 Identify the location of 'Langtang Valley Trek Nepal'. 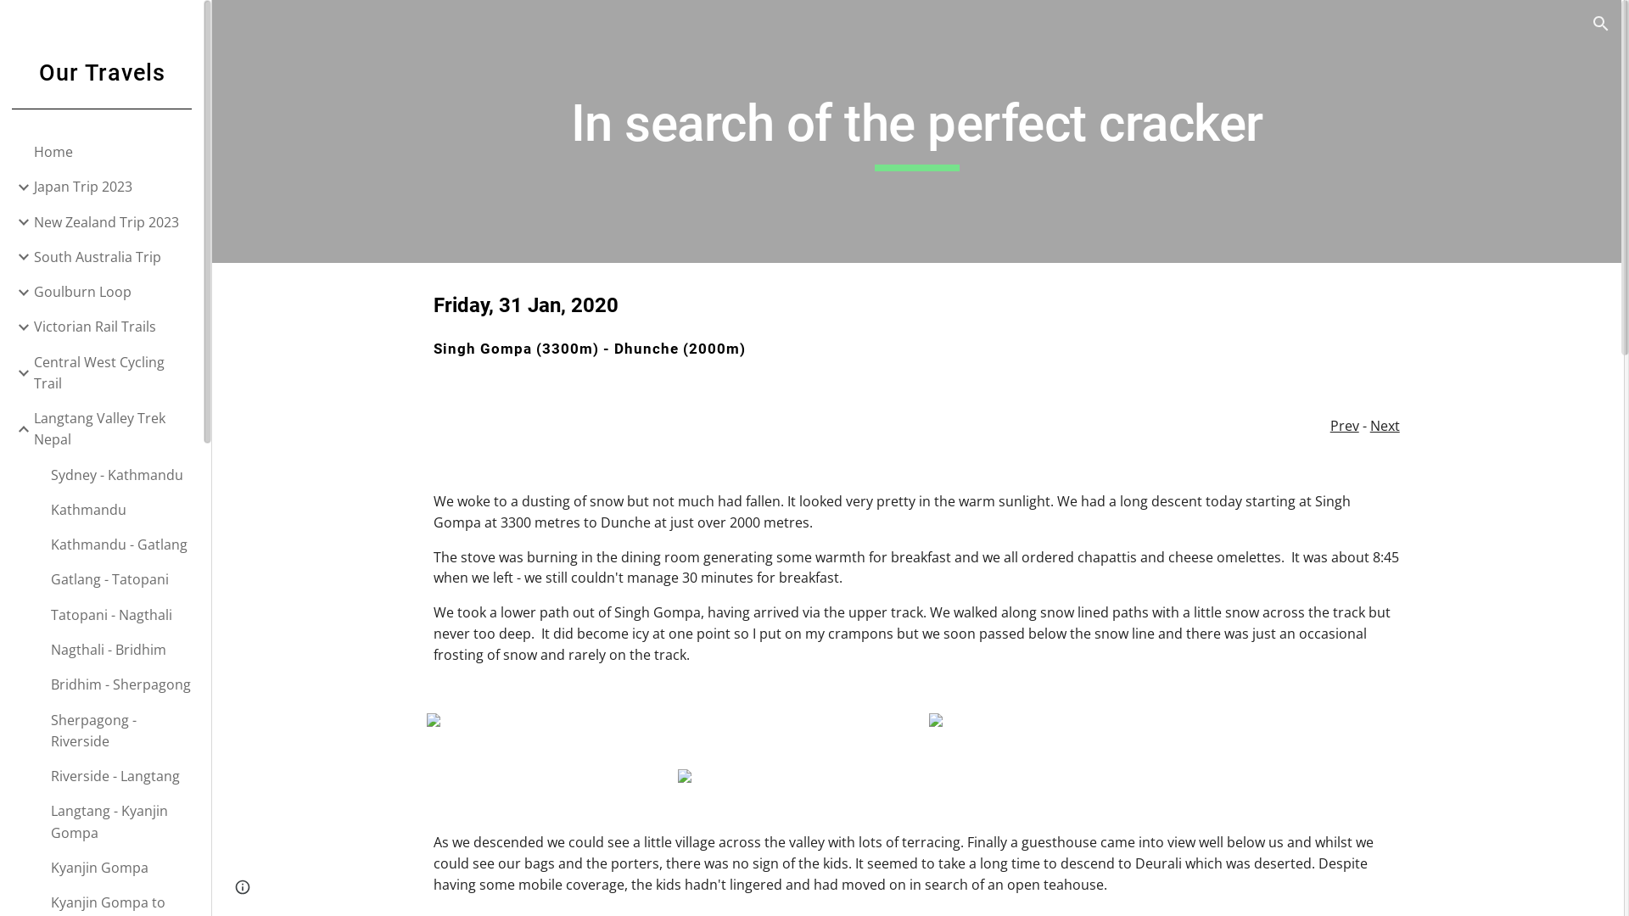
(110, 428).